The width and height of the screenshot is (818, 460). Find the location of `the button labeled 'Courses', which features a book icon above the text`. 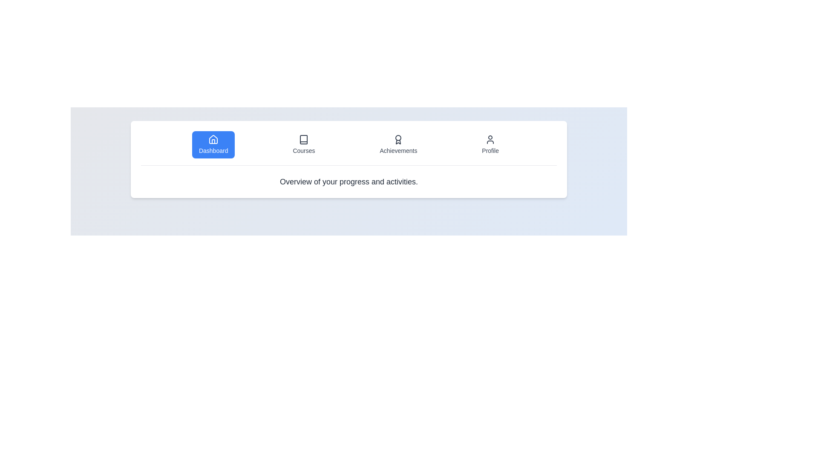

the button labeled 'Courses', which features a book icon above the text is located at coordinates (304, 144).